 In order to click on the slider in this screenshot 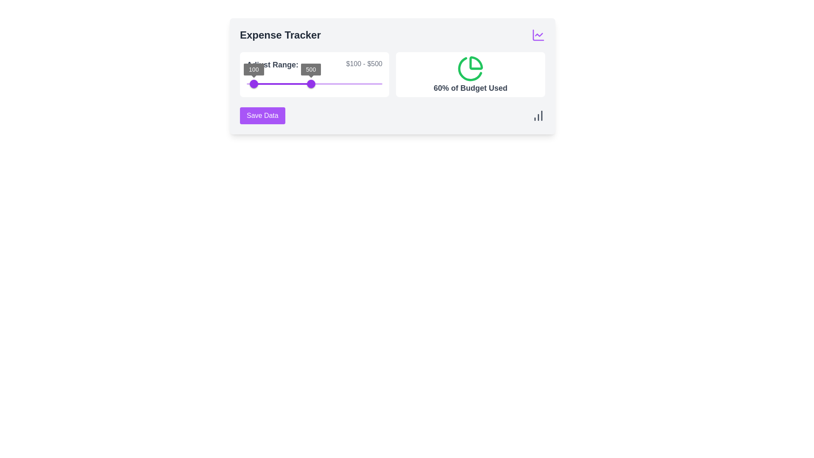, I will do `click(261, 84)`.